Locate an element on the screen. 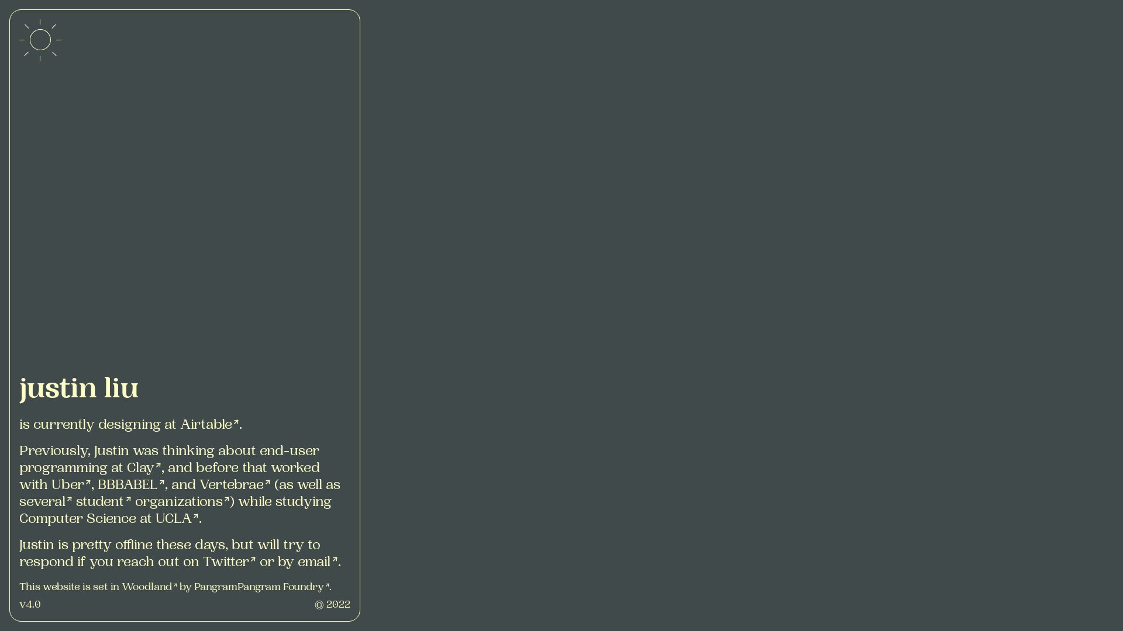 Image resolution: width=1123 pixels, height=631 pixels. 'BBBABEL' is located at coordinates (131, 486).